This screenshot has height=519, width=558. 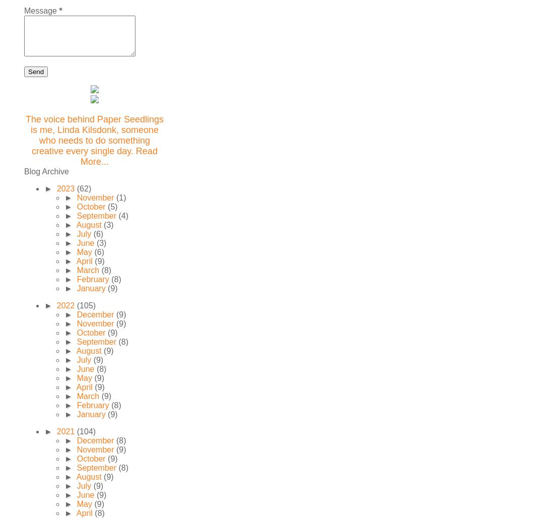 I want to click on '(5)', so click(x=112, y=207).